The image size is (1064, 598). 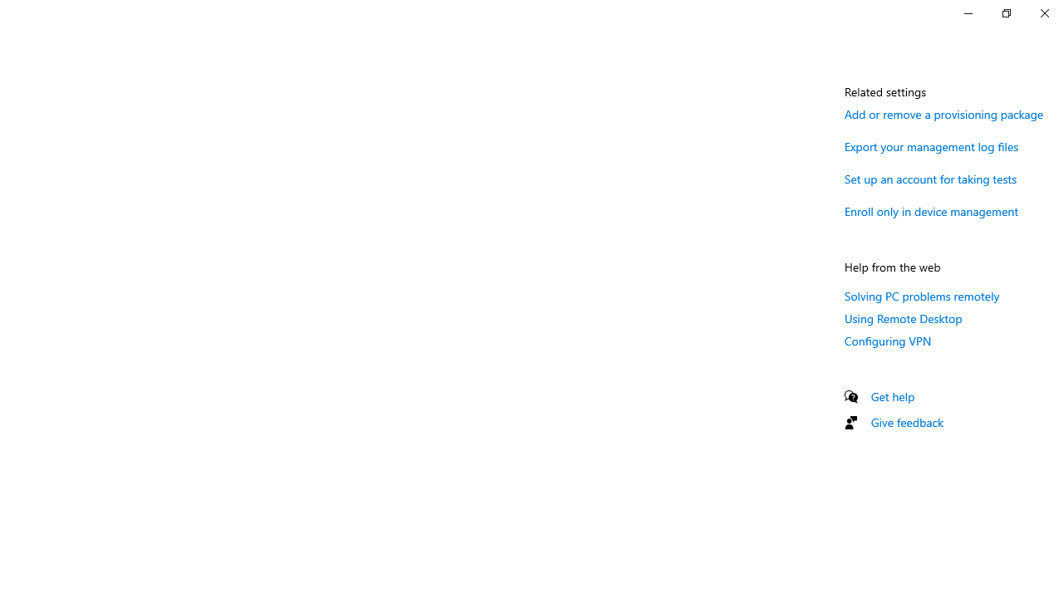 What do you see at coordinates (906, 421) in the screenshot?
I see `'Give feedback'` at bounding box center [906, 421].